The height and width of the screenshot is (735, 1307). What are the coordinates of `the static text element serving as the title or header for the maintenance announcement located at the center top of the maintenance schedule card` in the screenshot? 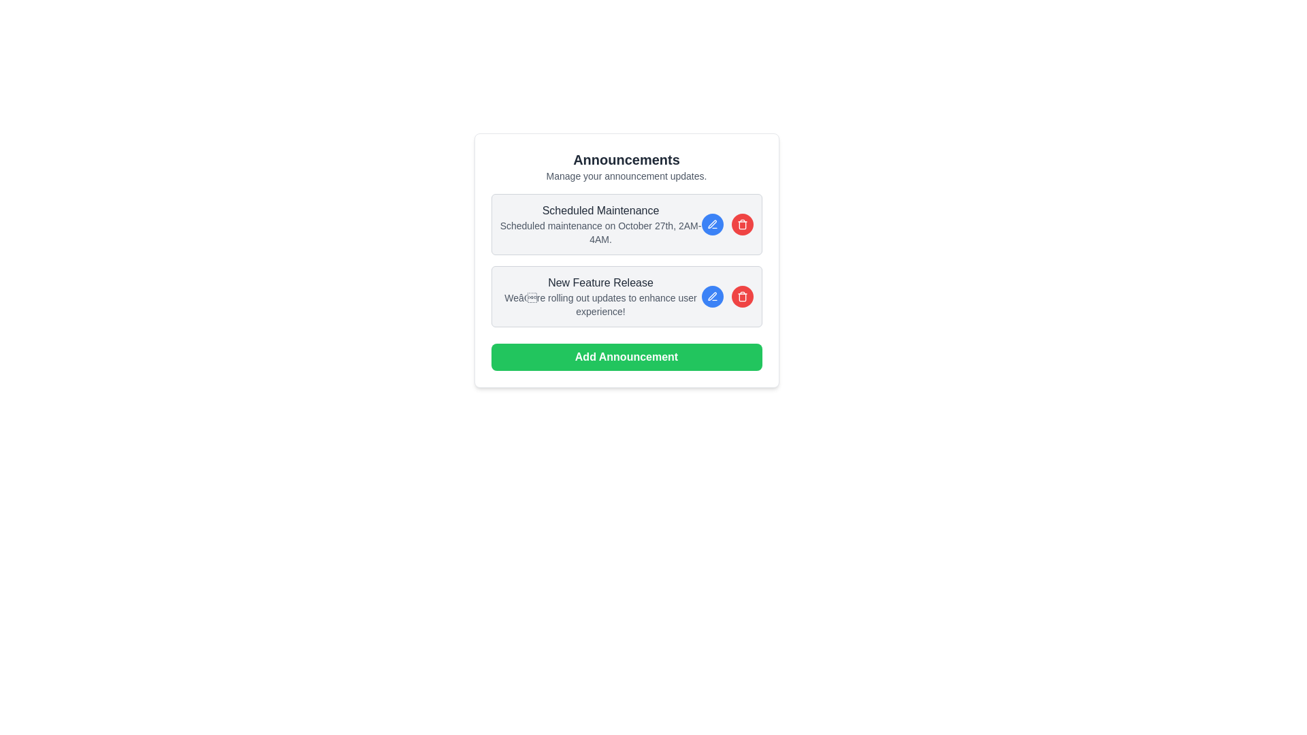 It's located at (600, 210).